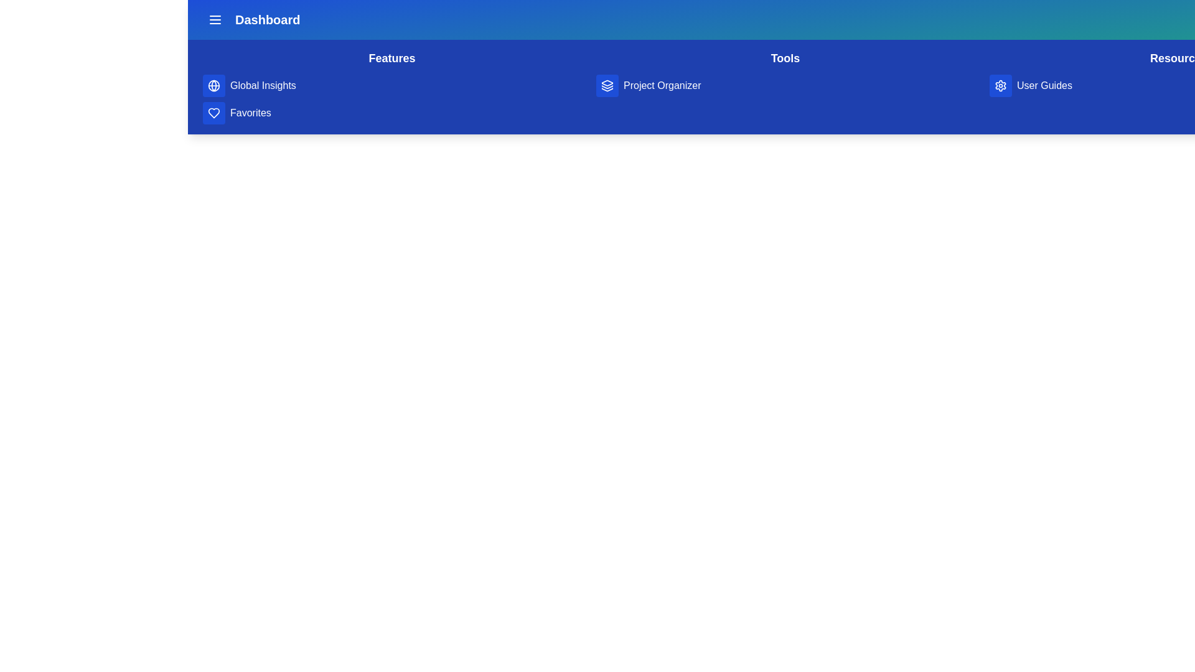  Describe the element at coordinates (662, 85) in the screenshot. I see `the 'Project Organizer' text label located in the top navigation bar of the 'Tools' section to use it as a navigation reference` at that location.